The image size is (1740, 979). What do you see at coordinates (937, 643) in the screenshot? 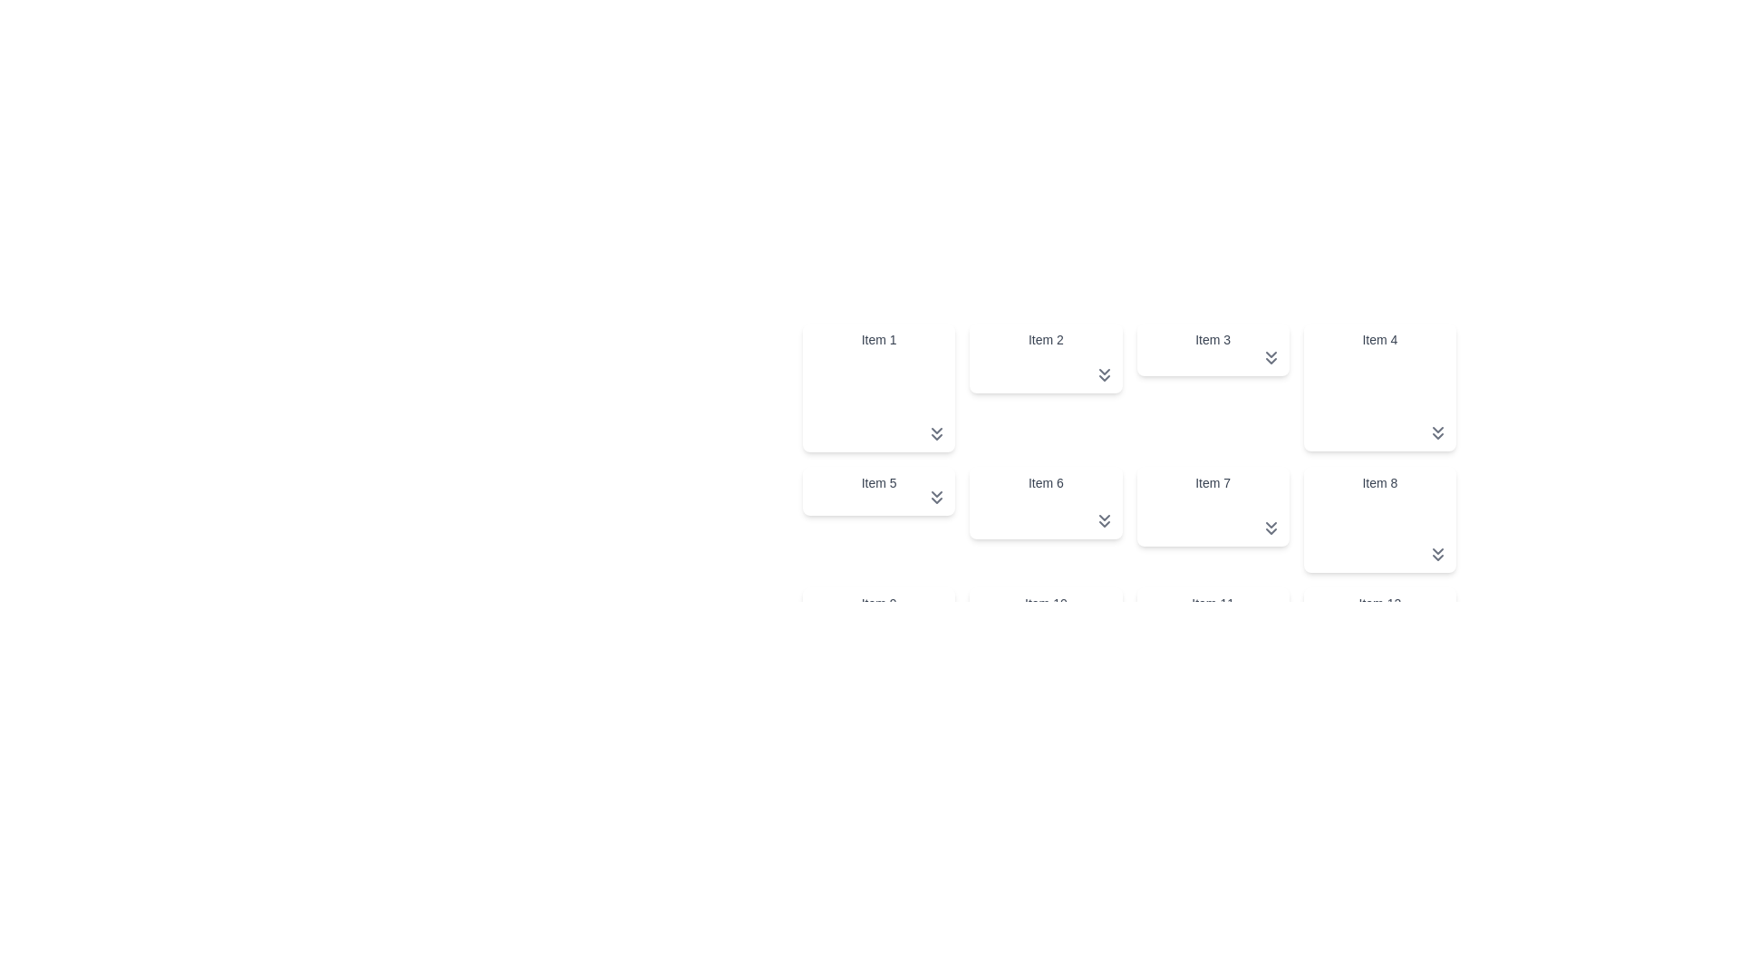
I see `the button located at the bottom right corner of the card labeled 'Item 9'` at bounding box center [937, 643].